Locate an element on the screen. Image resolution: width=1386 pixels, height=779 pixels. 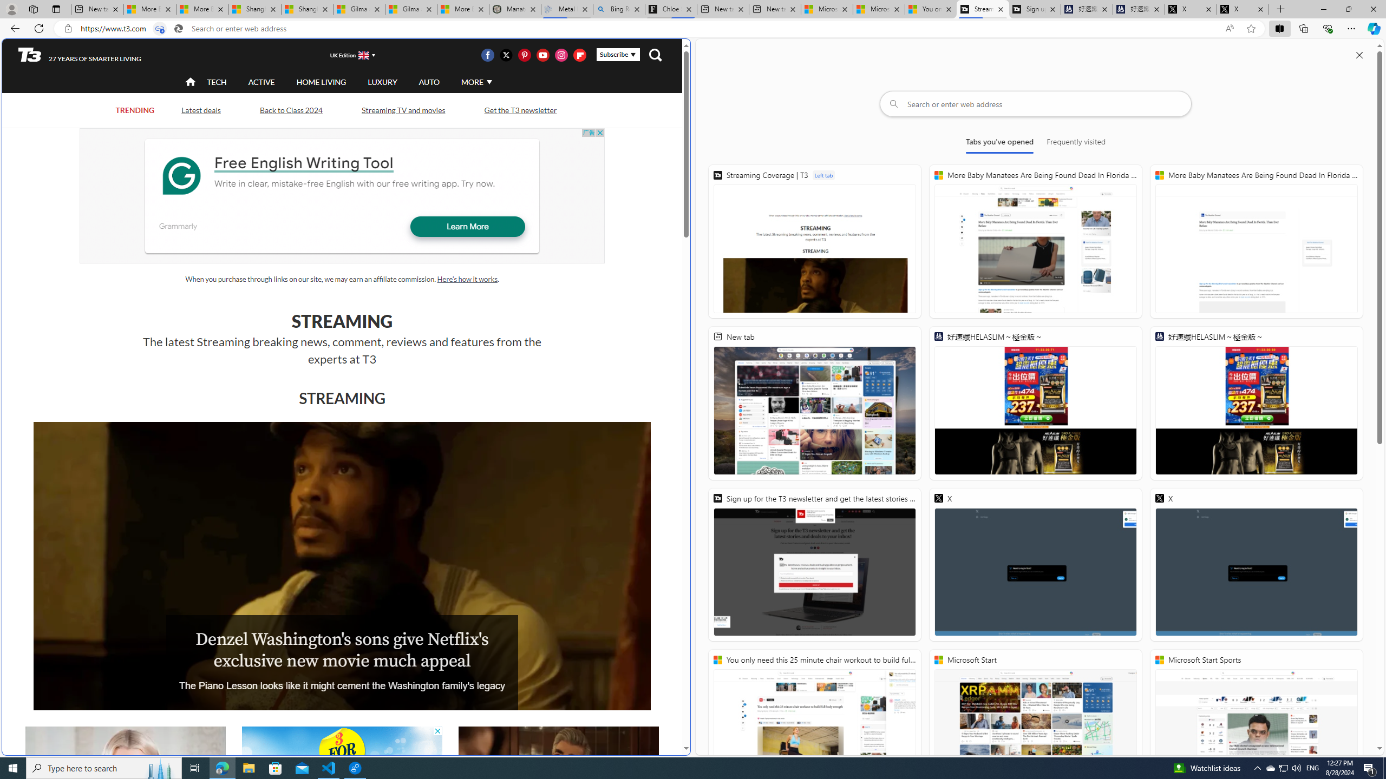
'ACTIVE' is located at coordinates (260, 81).